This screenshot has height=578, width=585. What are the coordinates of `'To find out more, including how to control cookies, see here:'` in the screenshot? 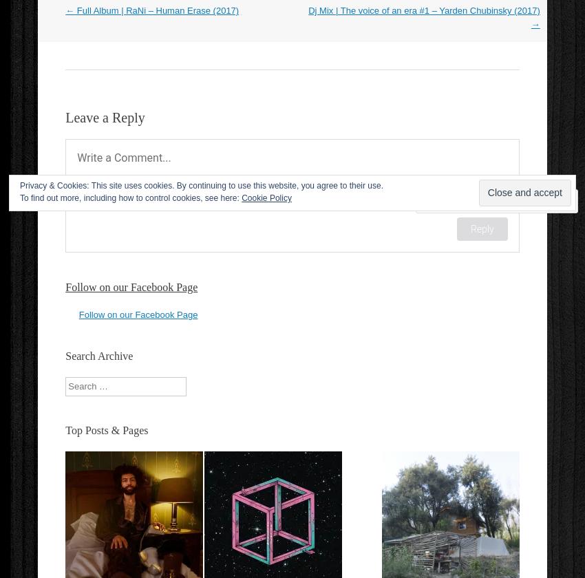 It's located at (129, 198).